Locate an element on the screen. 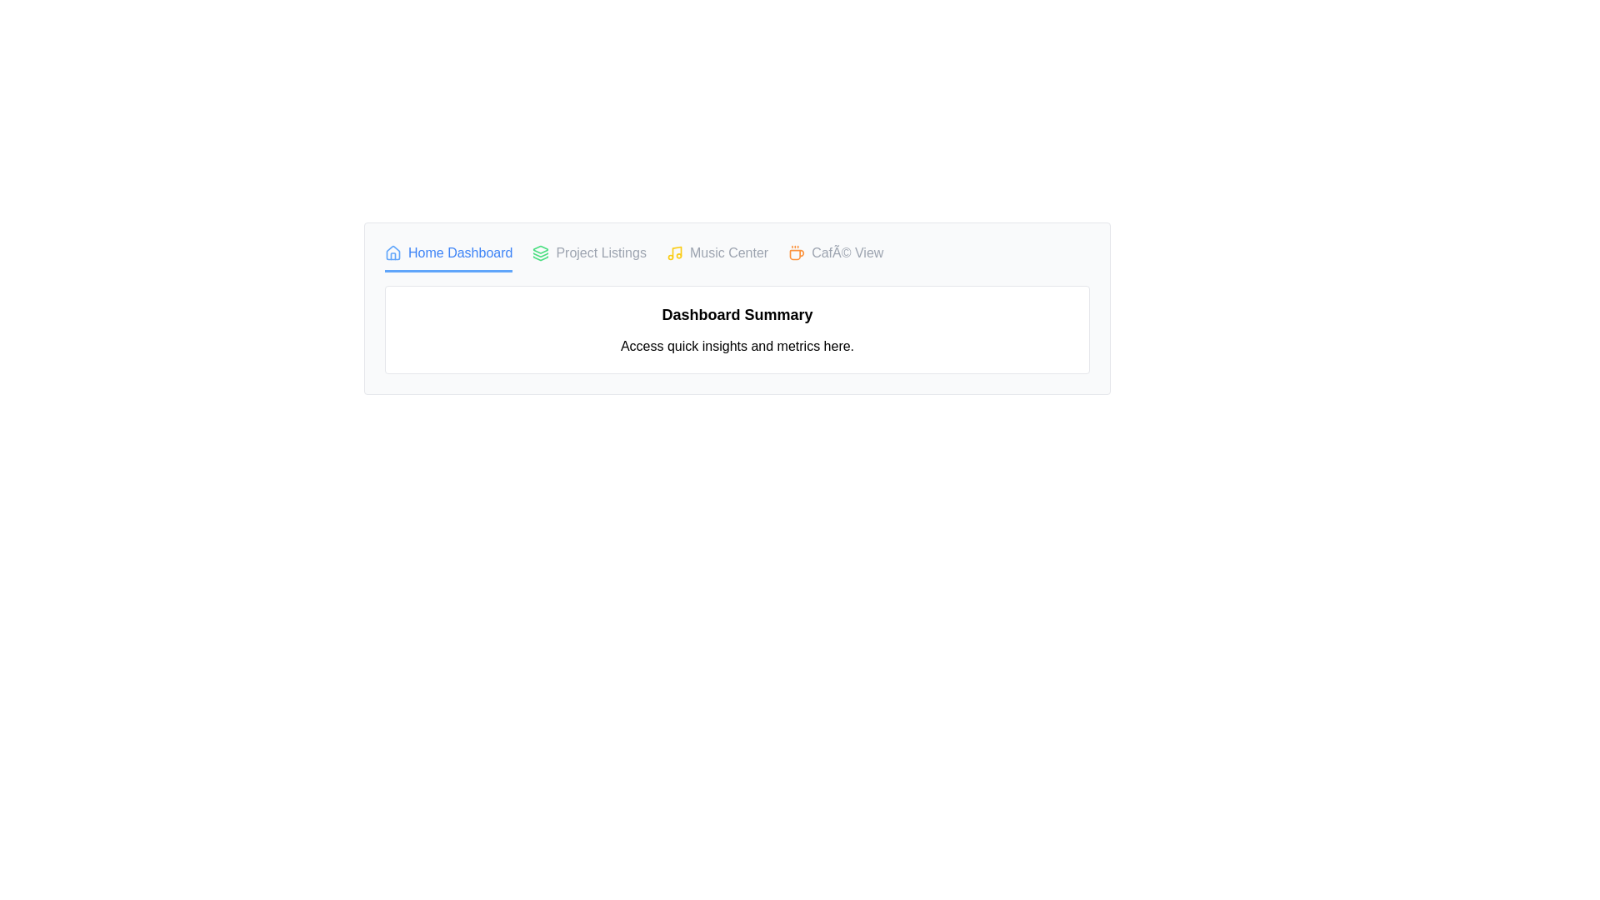 The width and height of the screenshot is (1600, 900). the 'Café View' button, which features a light gray text label and an orange coffee cup icon is located at coordinates (836, 257).